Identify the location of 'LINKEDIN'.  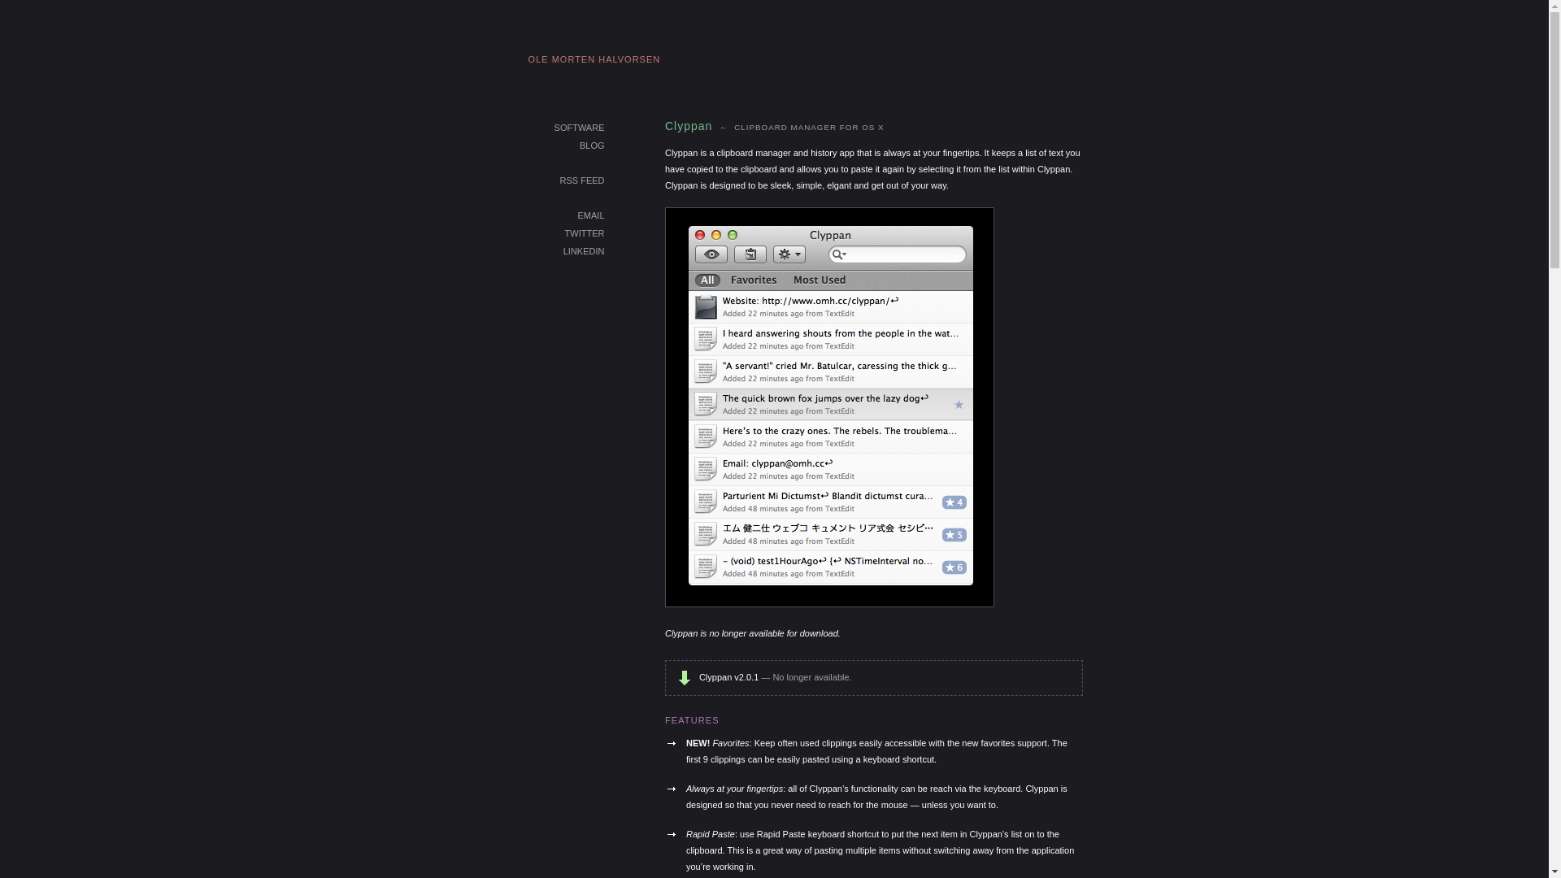
(563, 251).